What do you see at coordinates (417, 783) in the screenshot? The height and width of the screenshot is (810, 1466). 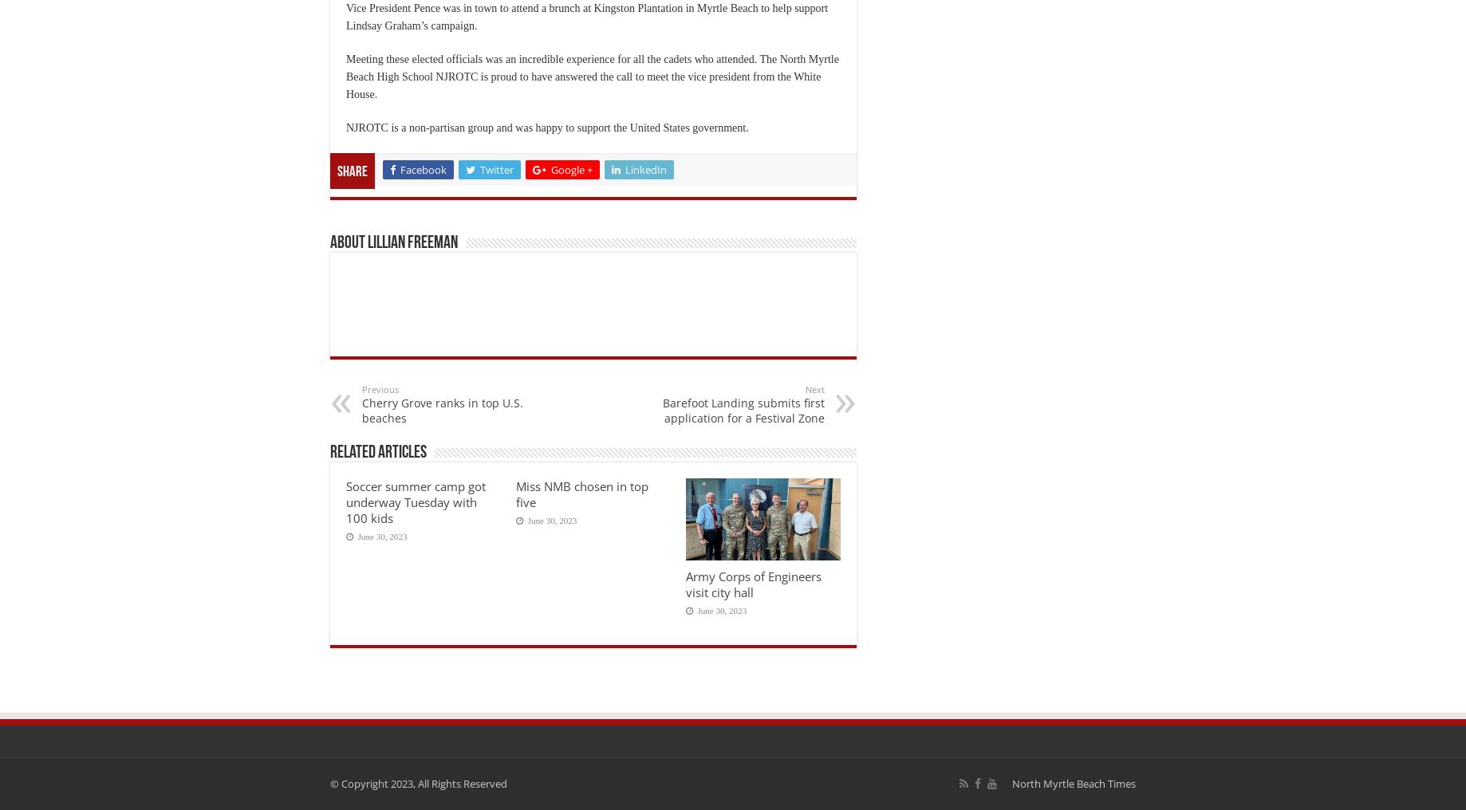 I see `'© Copyright 2023, All Rights Reserved'` at bounding box center [417, 783].